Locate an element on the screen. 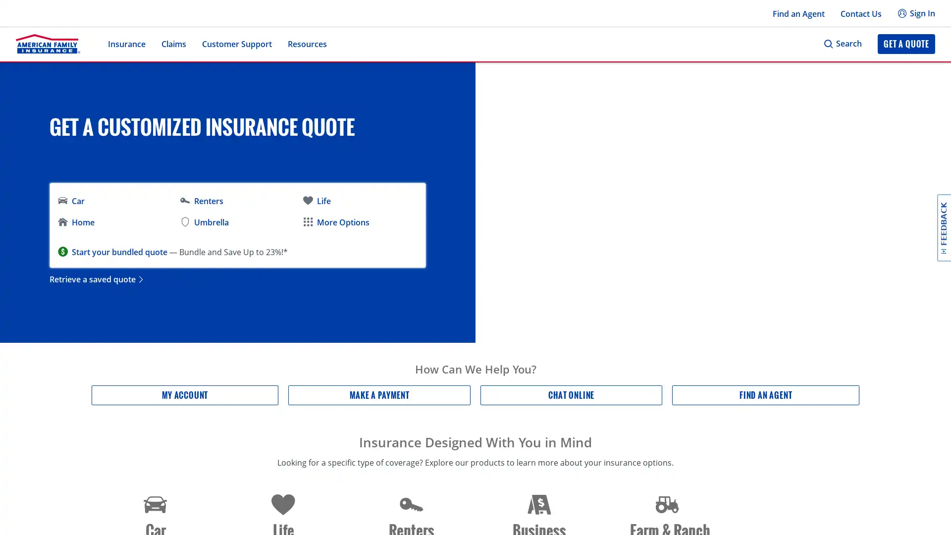 This screenshot has width=951, height=535. Start your bundled quote is located at coordinates (119, 251).